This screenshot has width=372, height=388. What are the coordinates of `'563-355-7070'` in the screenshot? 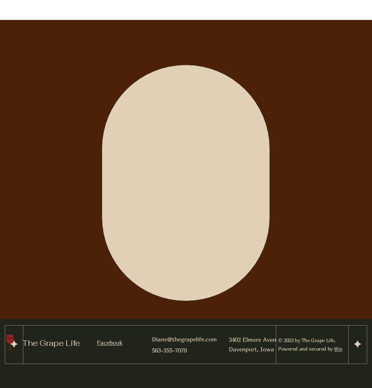 It's located at (169, 349).